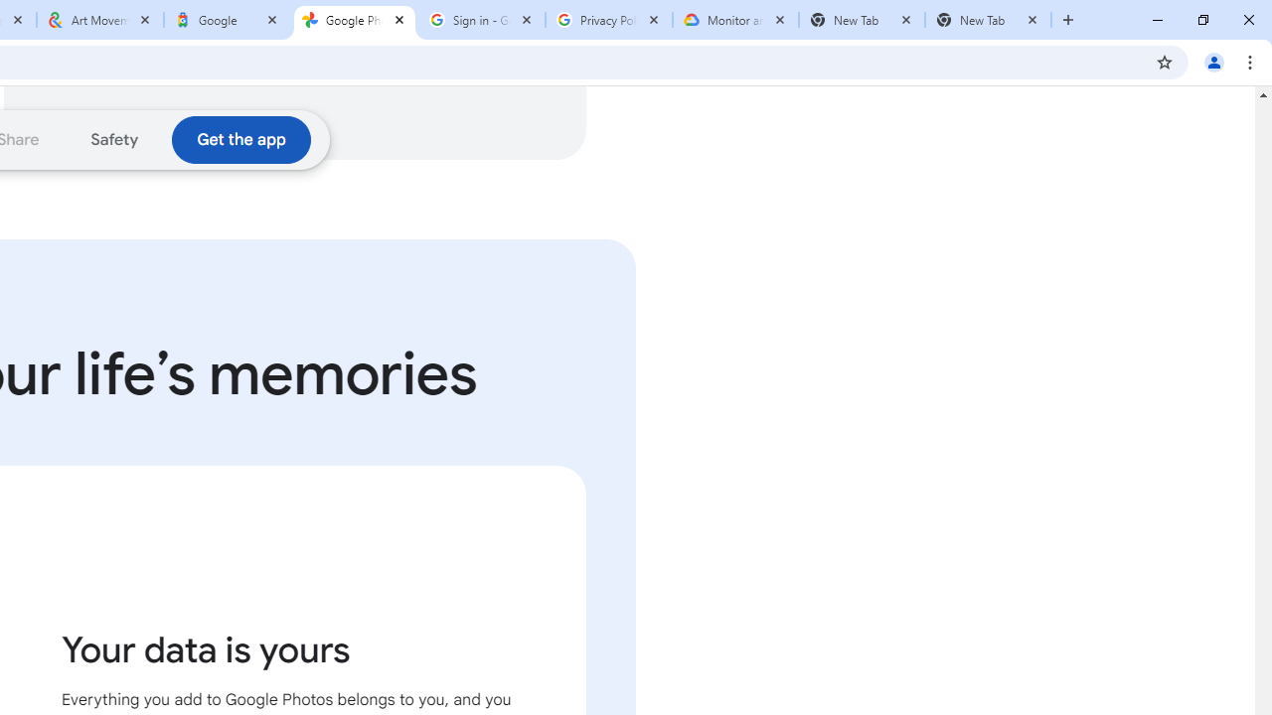 The image size is (1272, 715). Describe the element at coordinates (113, 138) in the screenshot. I see `'Go to section: Safety'` at that location.